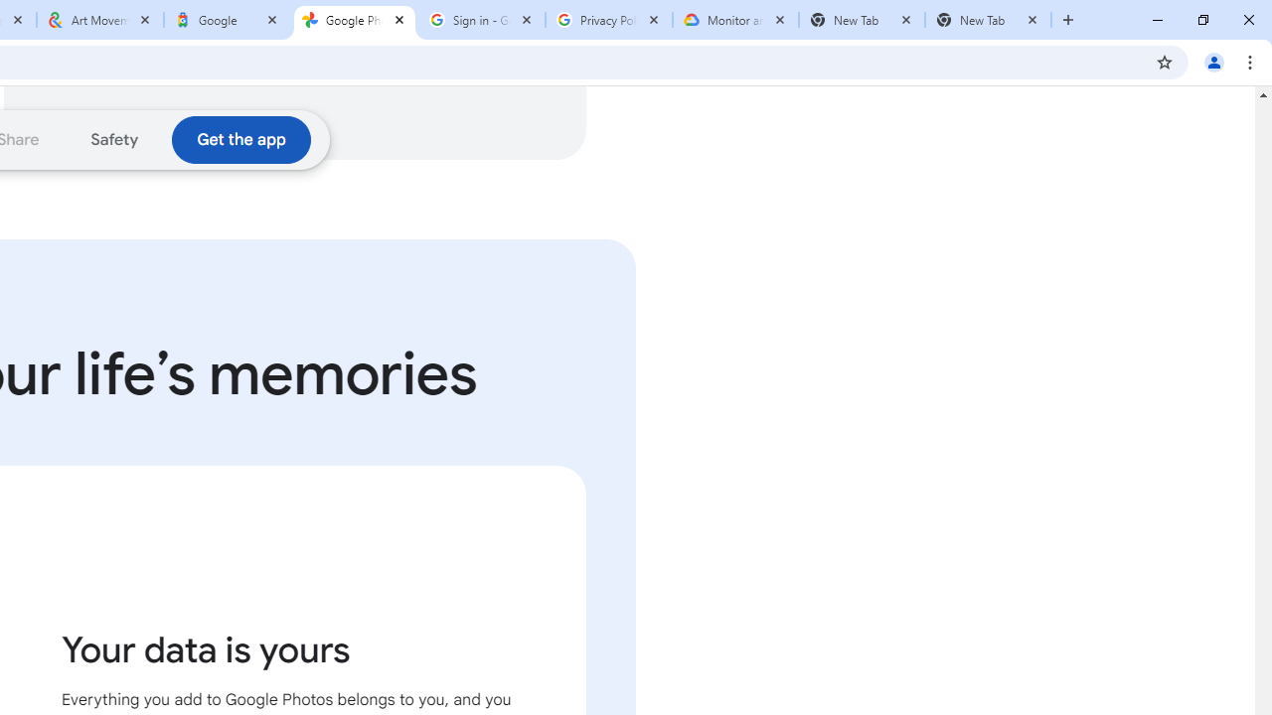 The image size is (1272, 715). Describe the element at coordinates (113, 138) in the screenshot. I see `'Go to section: Safety'` at that location.